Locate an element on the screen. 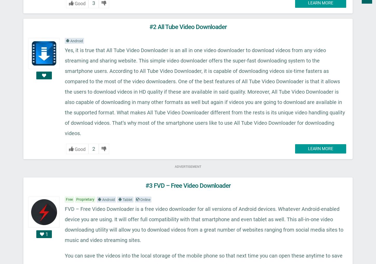 The height and width of the screenshot is (264, 376). '#3 FVD – Free Video Downloader' is located at coordinates (188, 185).